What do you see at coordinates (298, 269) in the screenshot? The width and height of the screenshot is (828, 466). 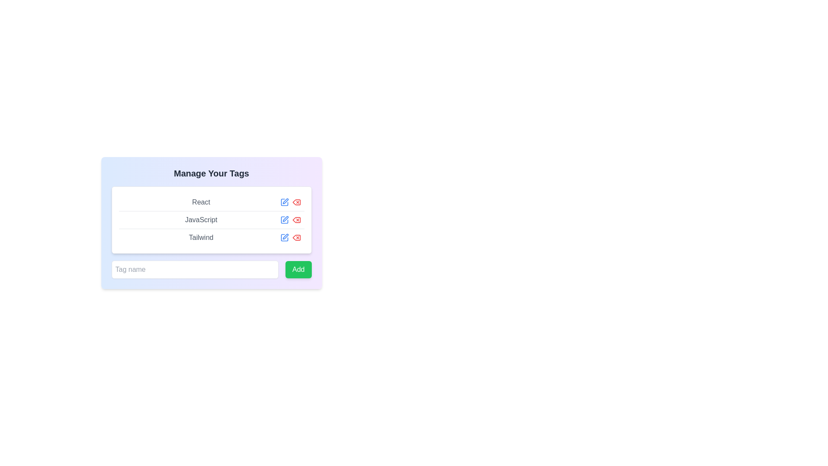 I see `the submit button located to the right of the 'Tag name' input field to visualize the hover effect` at bounding box center [298, 269].